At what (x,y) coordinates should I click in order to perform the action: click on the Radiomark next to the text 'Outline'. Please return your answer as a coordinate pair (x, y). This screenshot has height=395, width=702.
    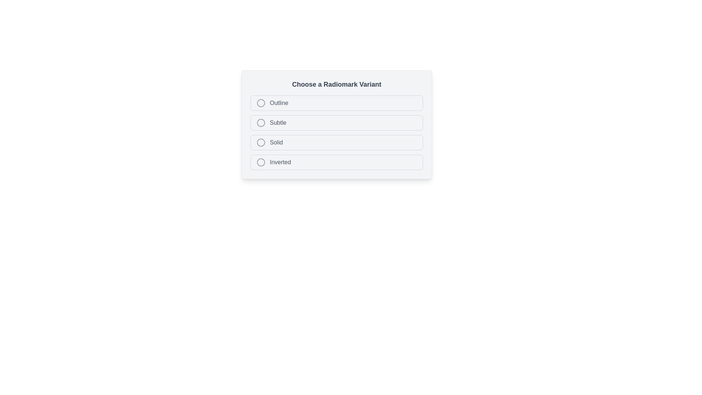
    Looking at the image, I should click on (261, 103).